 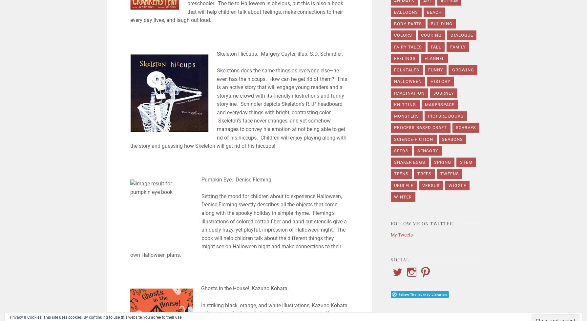 I want to click on 'Monsters', so click(x=394, y=116).